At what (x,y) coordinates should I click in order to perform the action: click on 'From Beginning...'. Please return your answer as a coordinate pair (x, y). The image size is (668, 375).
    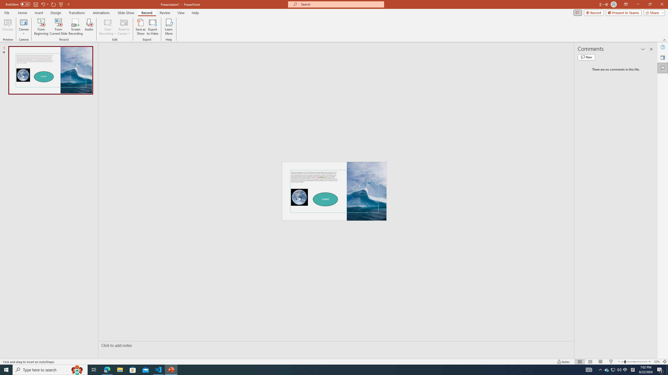
    Looking at the image, I should click on (41, 27).